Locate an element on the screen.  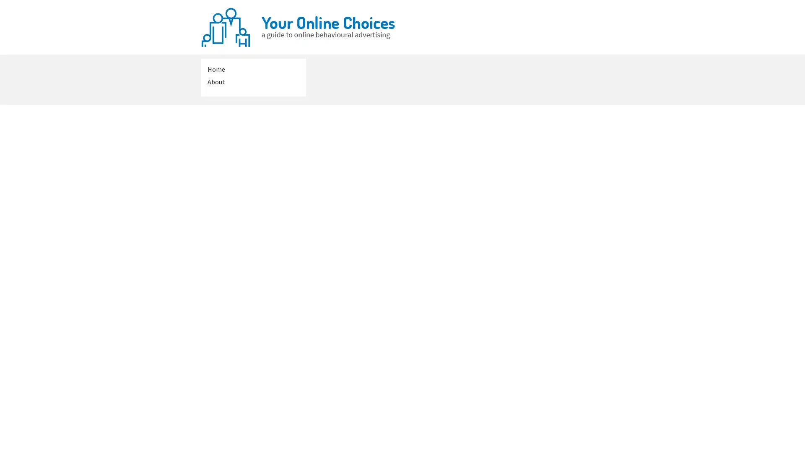
mute is located at coordinates (529, 383).